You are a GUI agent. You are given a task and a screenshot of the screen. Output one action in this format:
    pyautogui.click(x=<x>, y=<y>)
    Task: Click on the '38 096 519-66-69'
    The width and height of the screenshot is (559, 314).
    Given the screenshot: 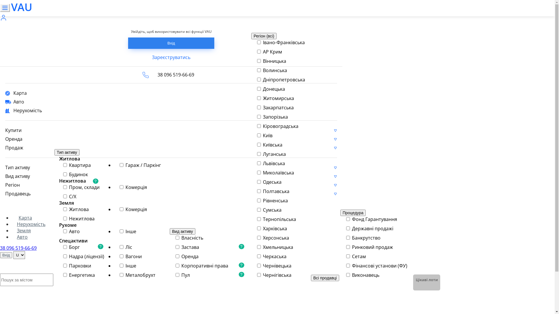 What is the action you would take?
    pyautogui.click(x=171, y=74)
    